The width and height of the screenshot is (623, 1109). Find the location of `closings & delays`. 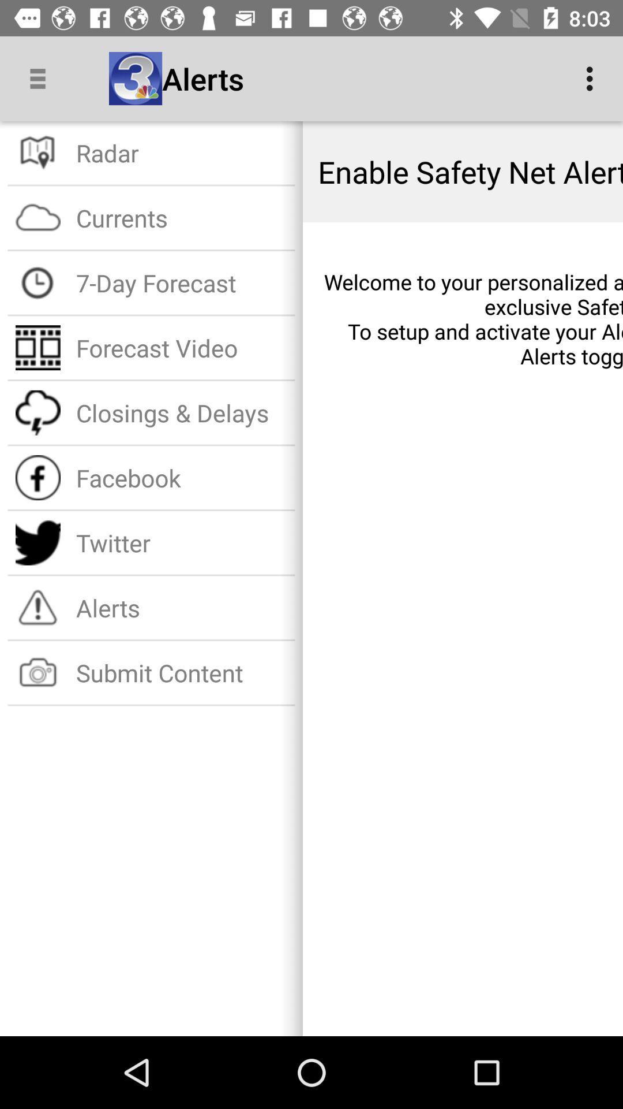

closings & delays is located at coordinates (182, 412).